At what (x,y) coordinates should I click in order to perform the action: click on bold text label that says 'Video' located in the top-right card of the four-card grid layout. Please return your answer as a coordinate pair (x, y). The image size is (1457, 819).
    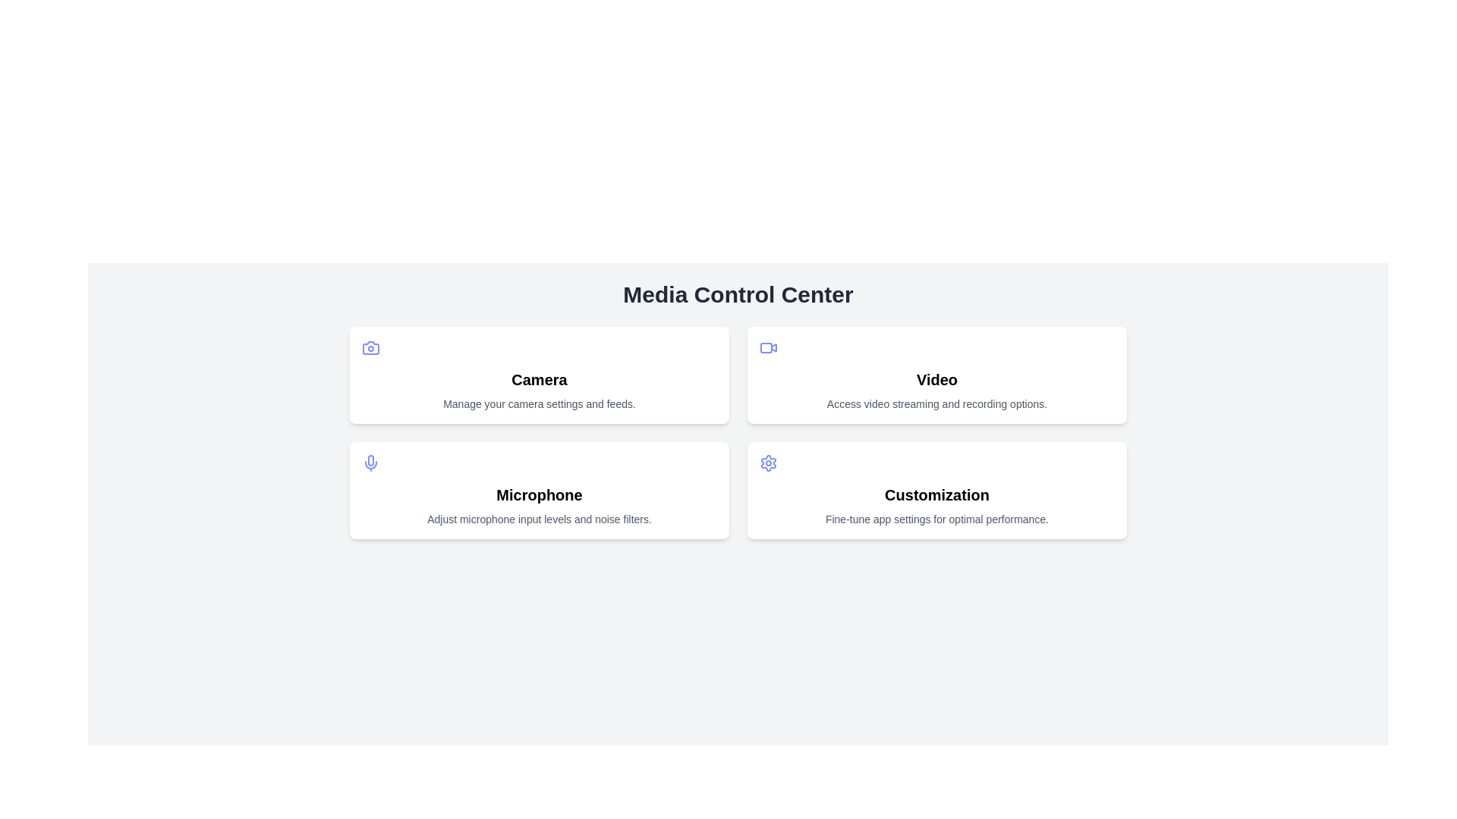
    Looking at the image, I should click on (936, 379).